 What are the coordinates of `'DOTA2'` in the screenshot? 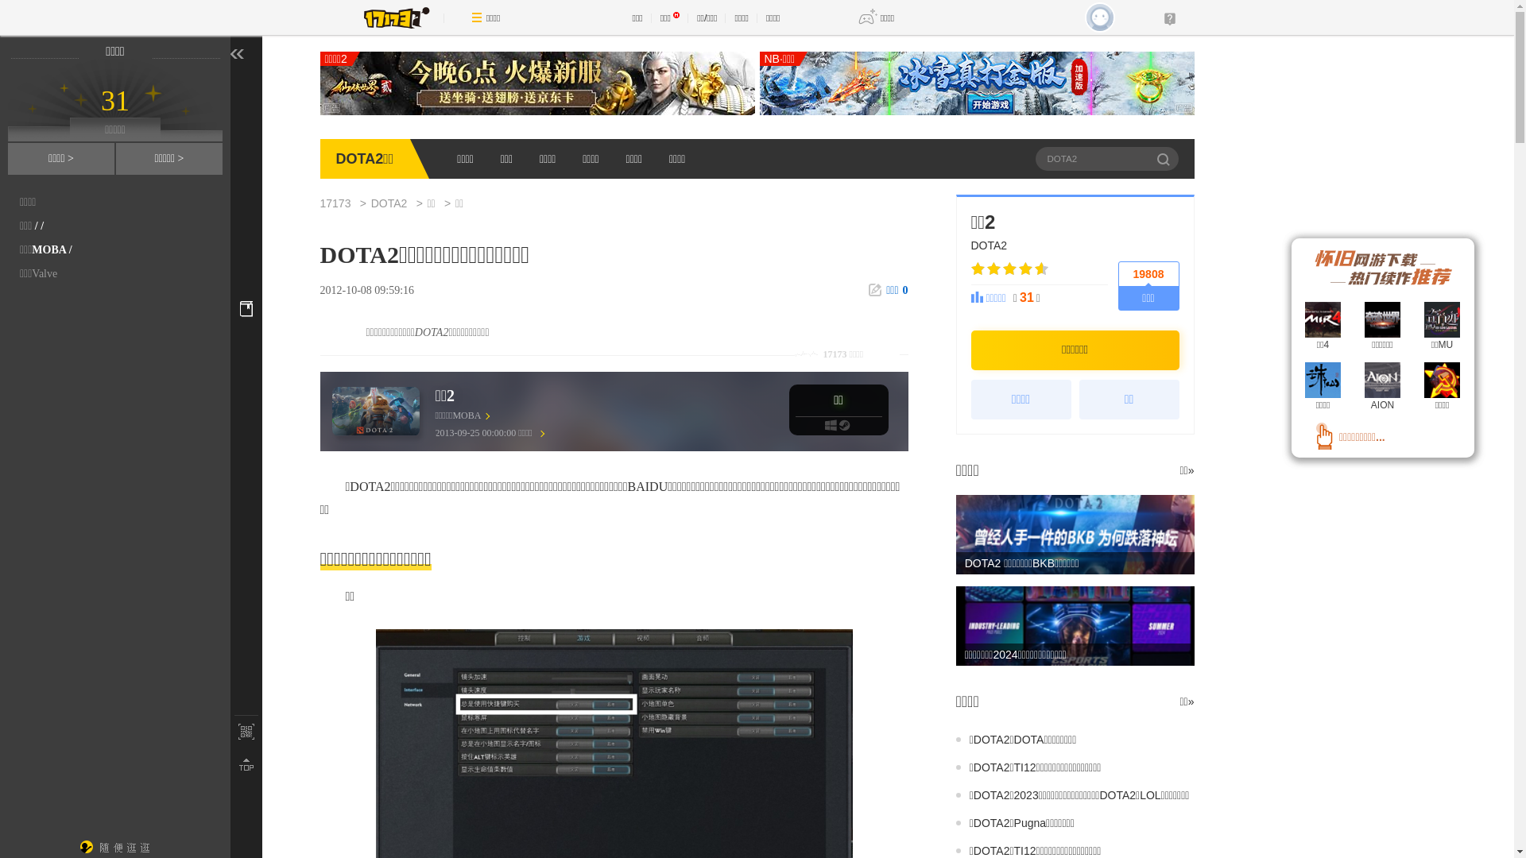 It's located at (397, 202).